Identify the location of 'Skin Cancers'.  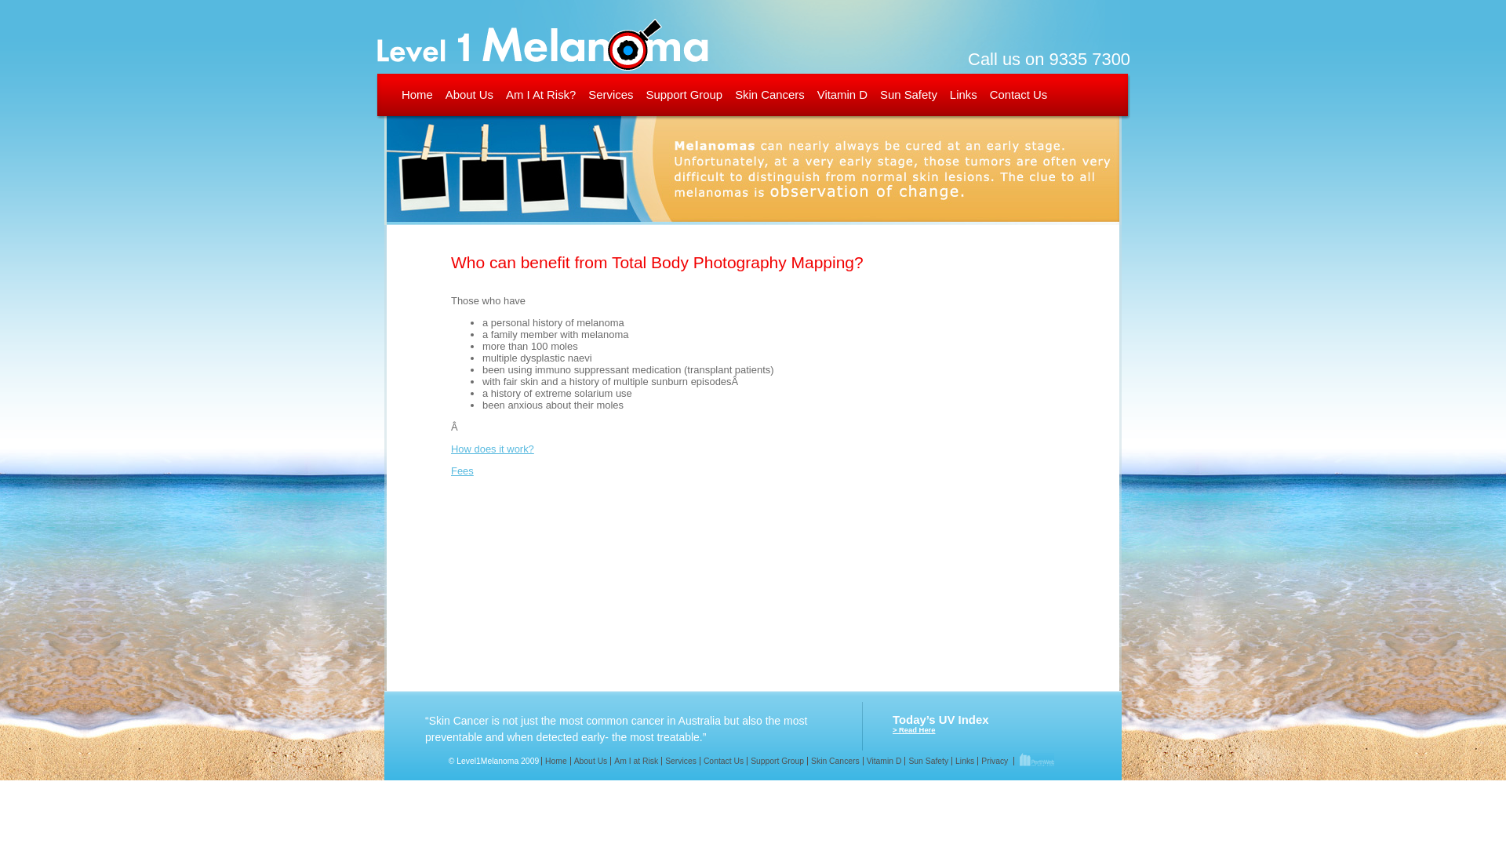
(769, 94).